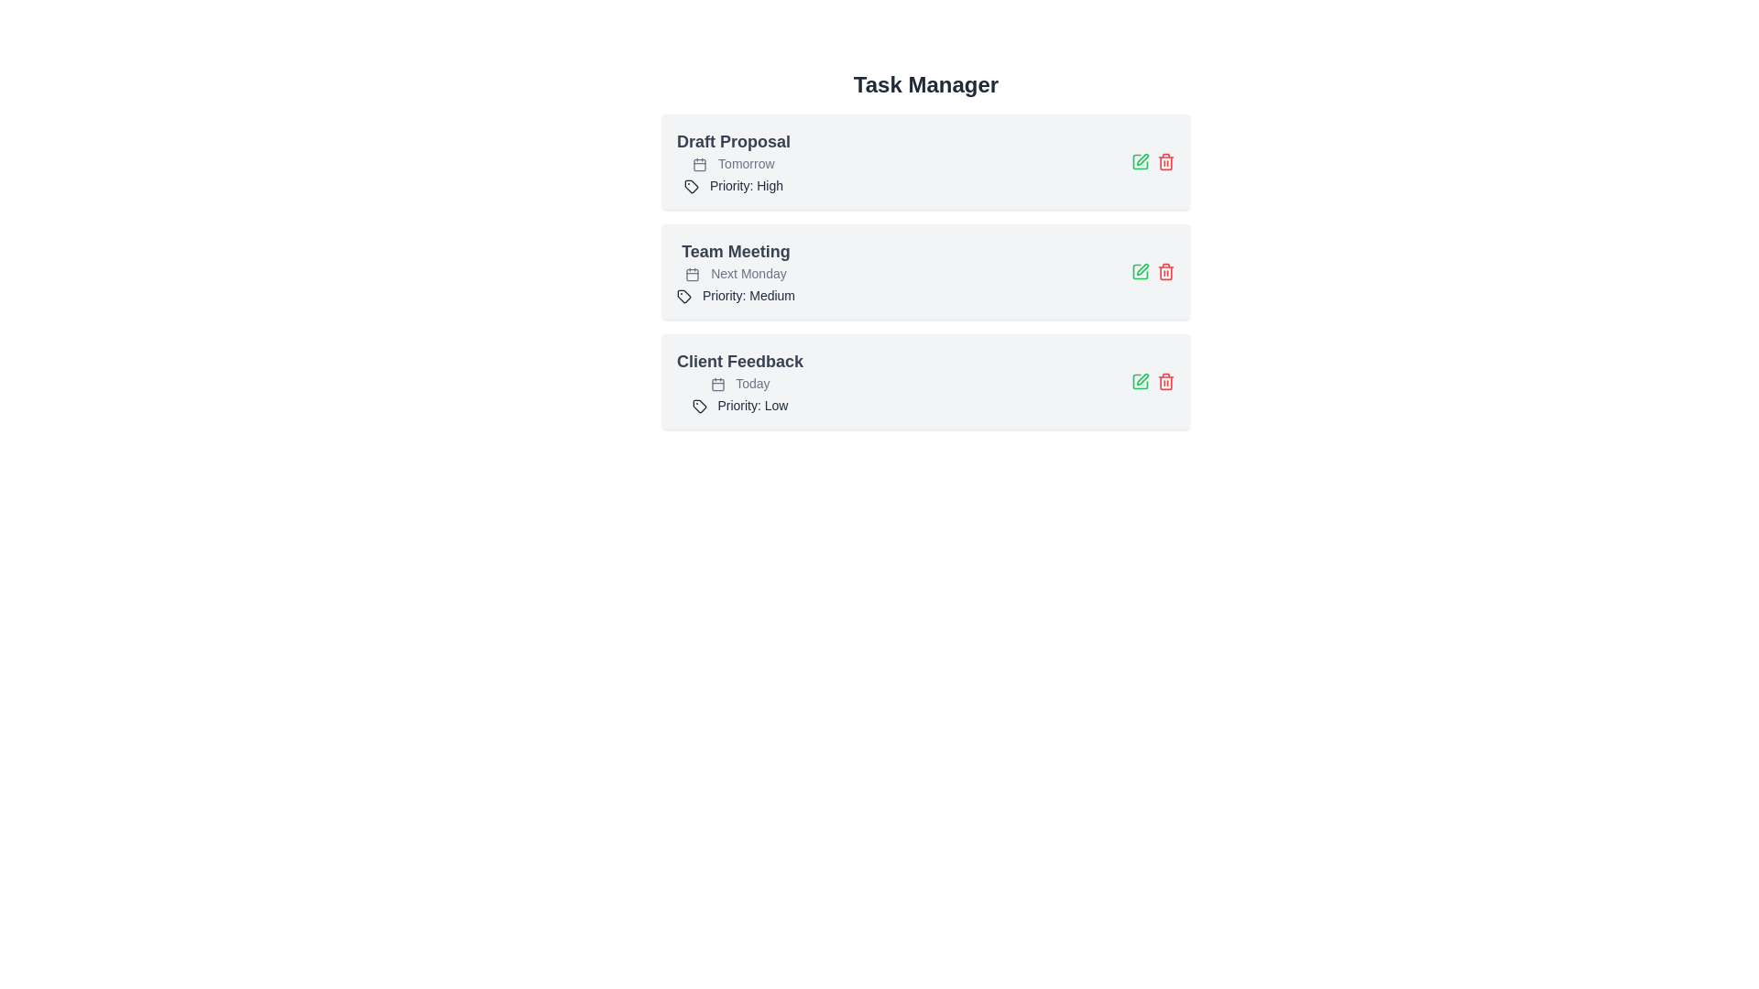  Describe the element at coordinates (716, 384) in the screenshot. I see `design of the calendar icon, which is gray and located to the left of the text 'Today' in the 'Client Feedback' section` at that location.